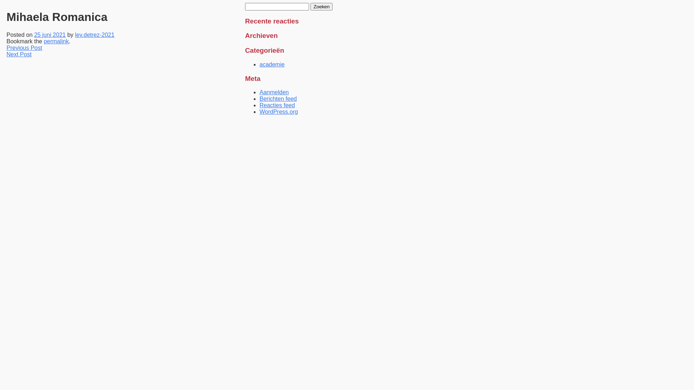 The image size is (694, 390). Describe the element at coordinates (277, 105) in the screenshot. I see `'Reacties feed'` at that location.